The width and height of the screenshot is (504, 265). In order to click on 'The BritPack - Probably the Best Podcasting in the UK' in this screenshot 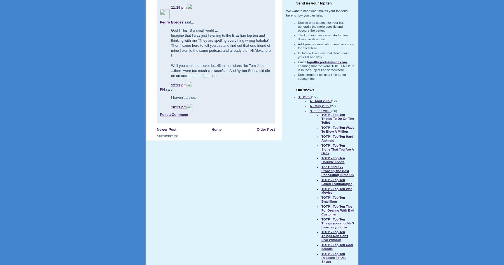, I will do `click(321, 171)`.